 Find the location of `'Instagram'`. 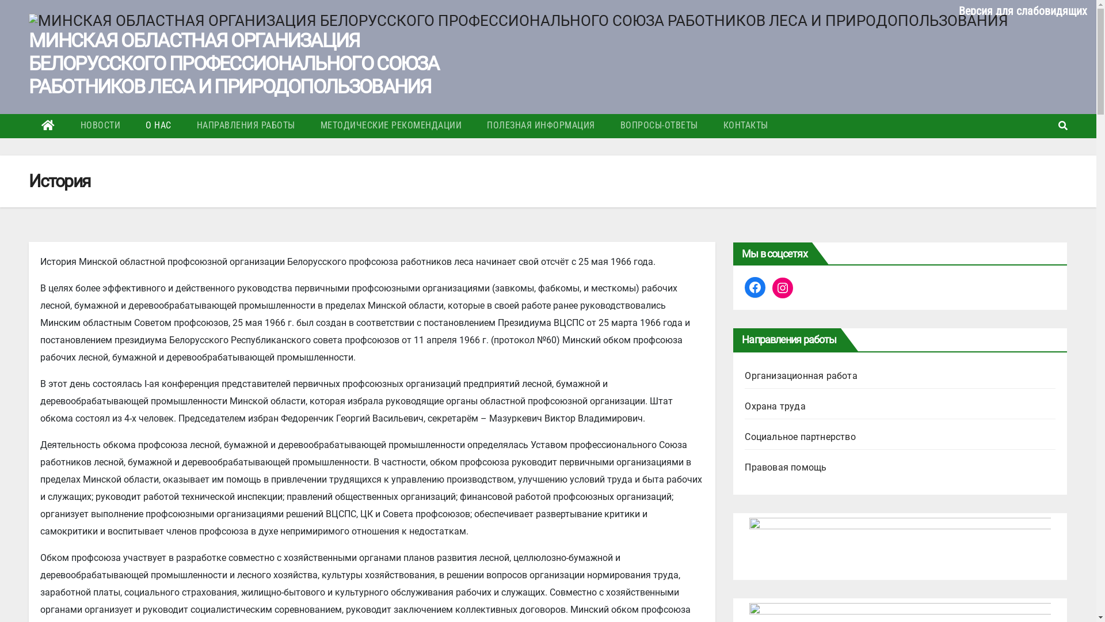

'Instagram' is located at coordinates (782, 287).